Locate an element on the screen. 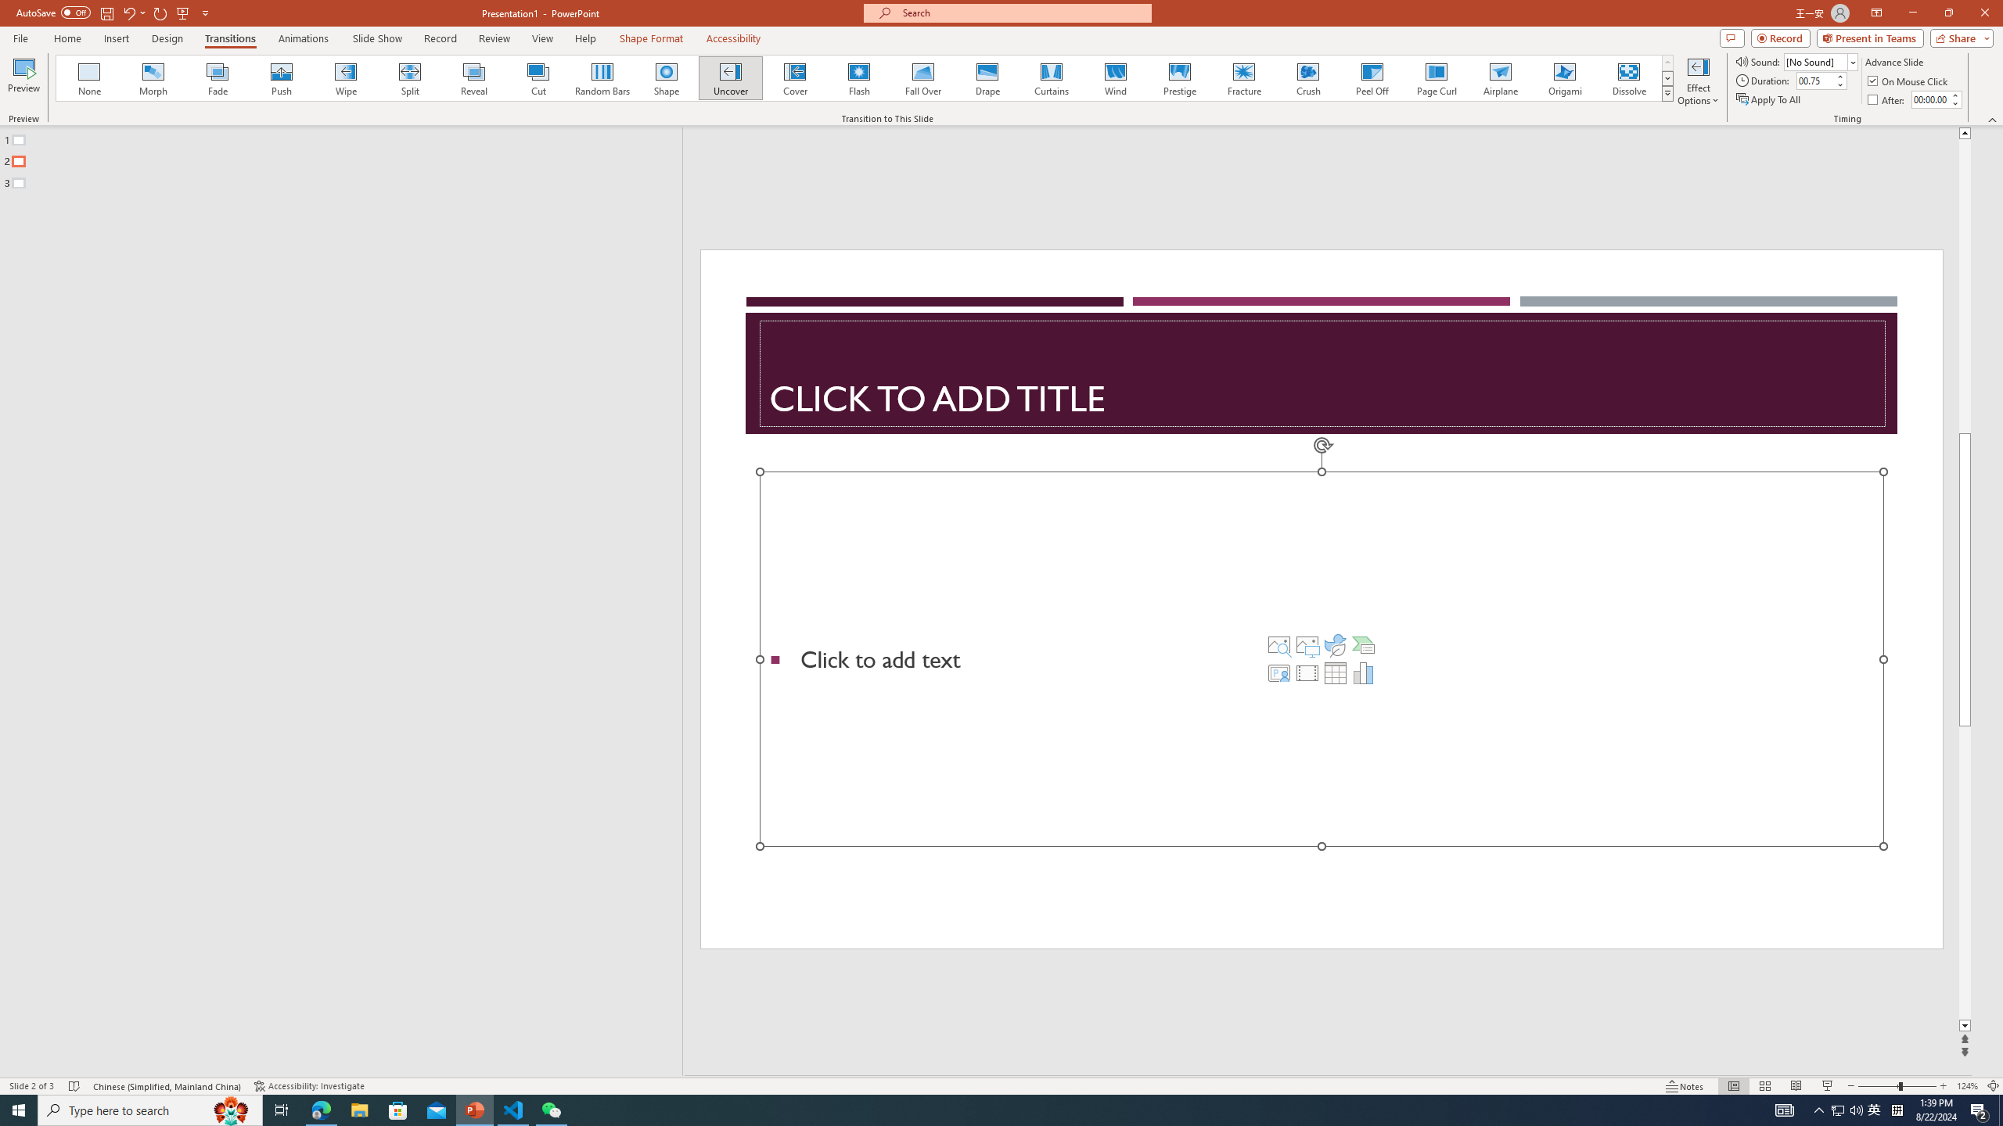 Image resolution: width=2003 pixels, height=1126 pixels. 'Fade' is located at coordinates (218, 77).